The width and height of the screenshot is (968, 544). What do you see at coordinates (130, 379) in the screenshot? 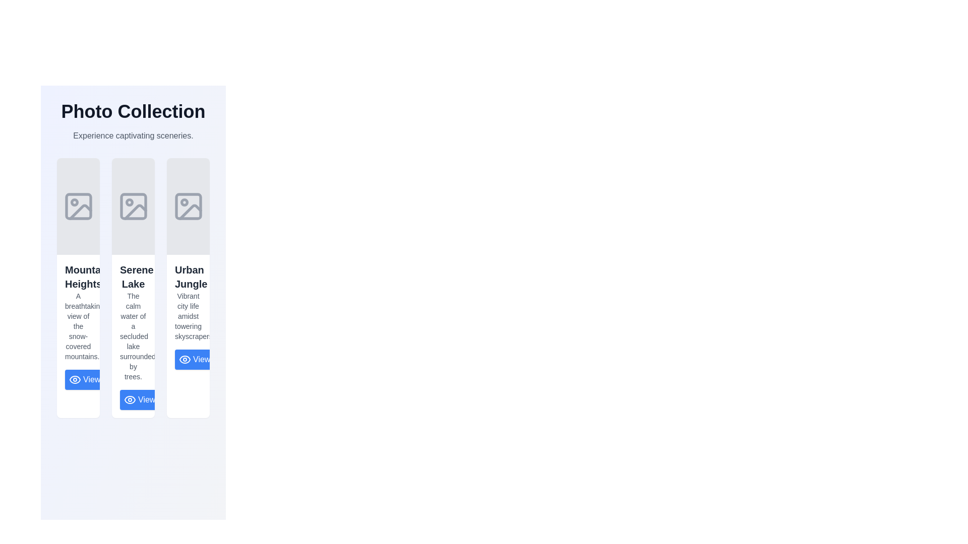
I see `the 'Edit' button, which is the second button in a row of three ('View', 'Edit', 'Delete')` at bounding box center [130, 379].